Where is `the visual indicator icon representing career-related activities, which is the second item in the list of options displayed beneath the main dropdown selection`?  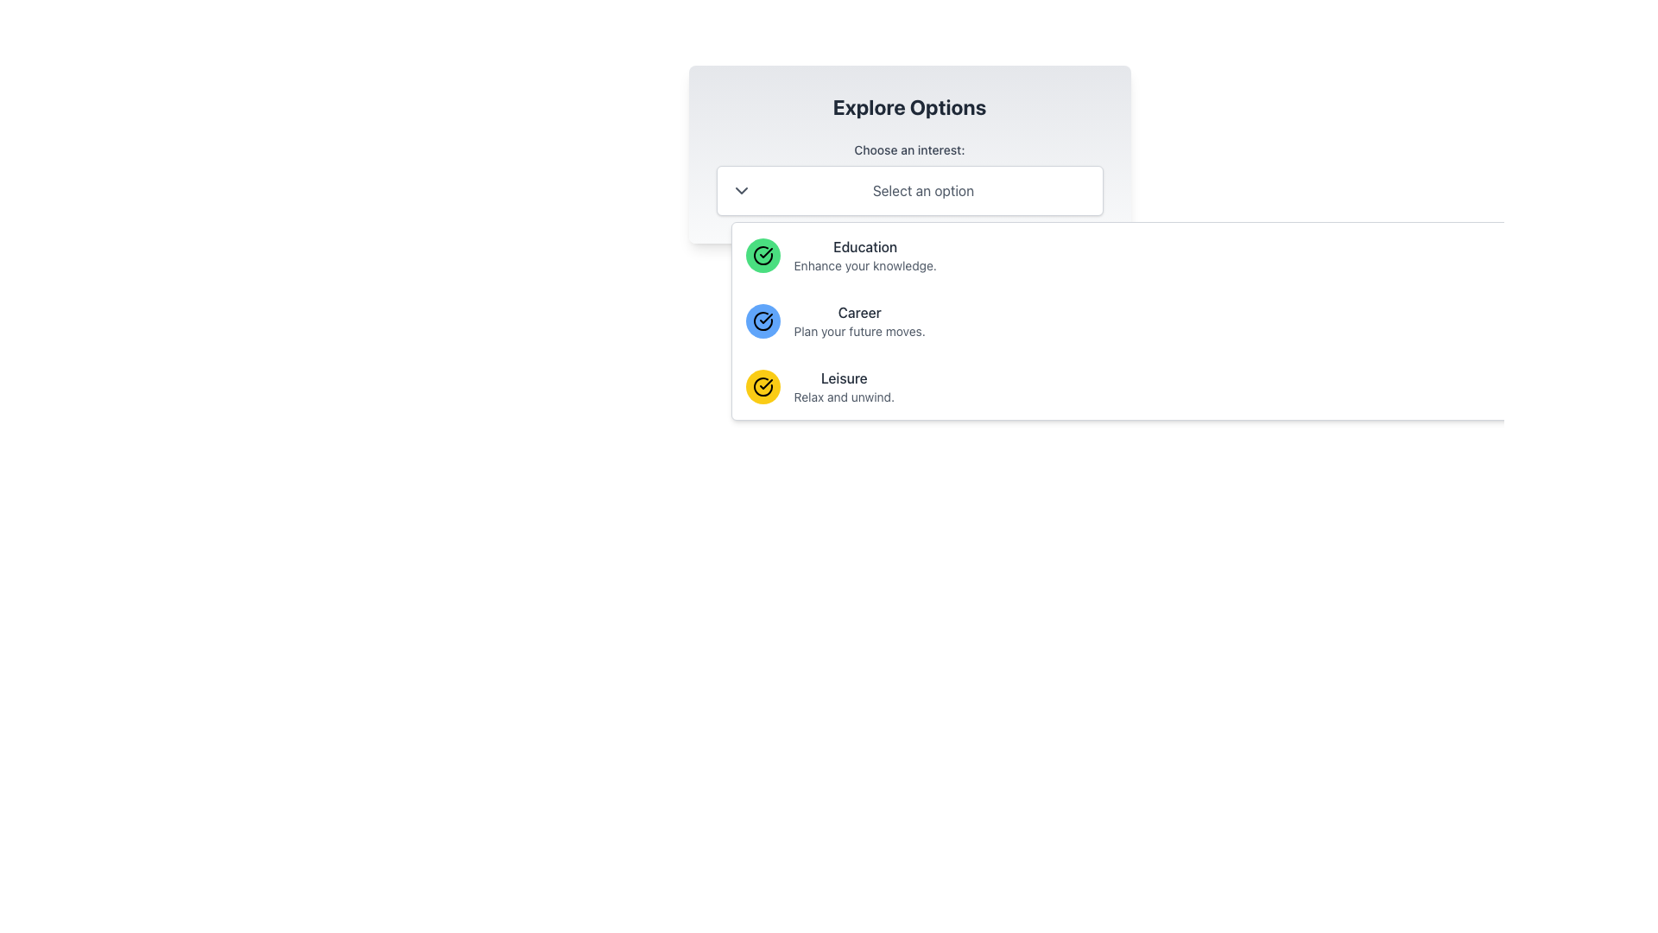
the visual indicator icon representing career-related activities, which is the second item in the list of options displayed beneath the main dropdown selection is located at coordinates (765, 319).